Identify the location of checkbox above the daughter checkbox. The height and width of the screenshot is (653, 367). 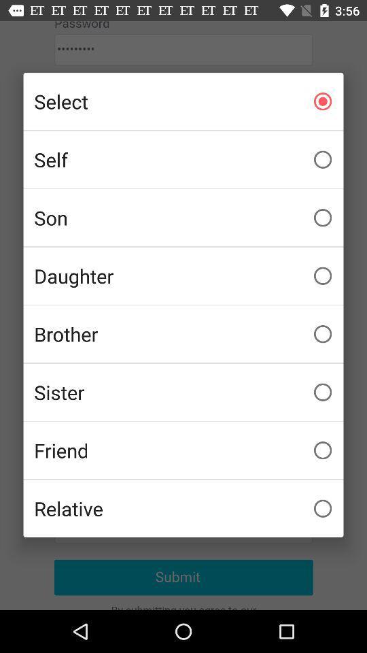
(183, 218).